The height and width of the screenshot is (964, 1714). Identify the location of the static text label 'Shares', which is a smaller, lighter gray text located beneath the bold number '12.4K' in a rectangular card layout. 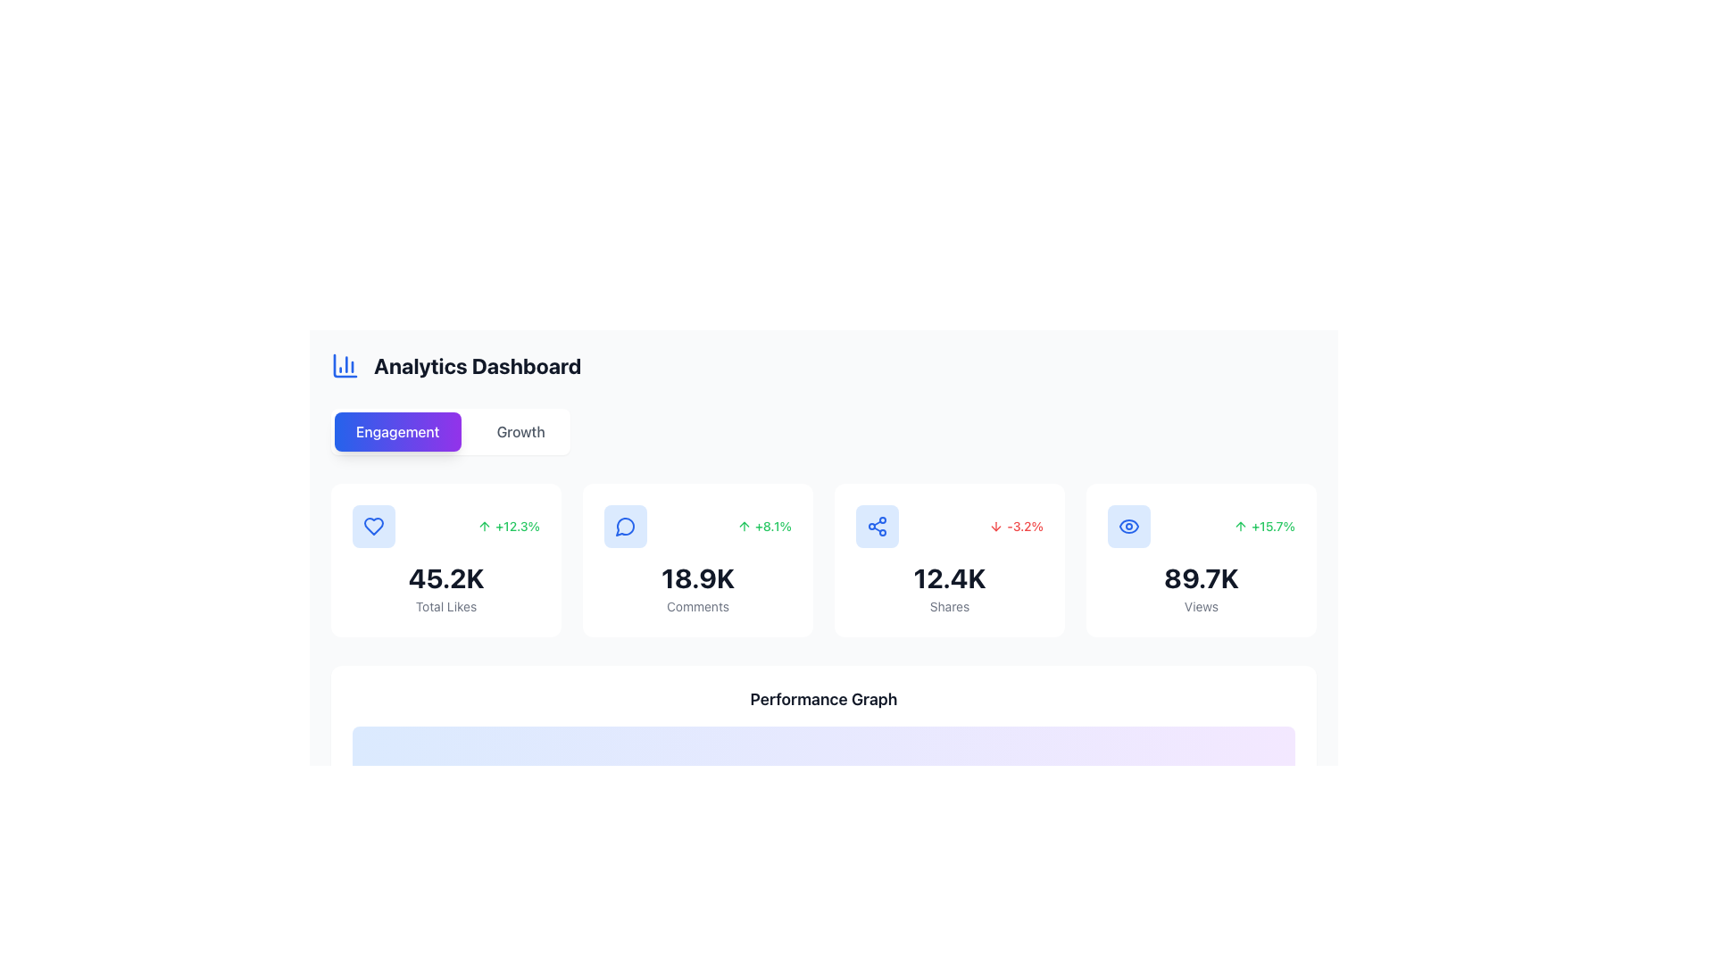
(949, 605).